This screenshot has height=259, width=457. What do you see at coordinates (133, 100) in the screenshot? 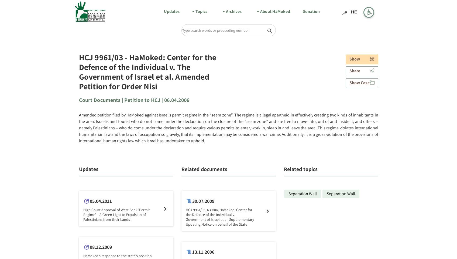
I see `'Court Documents | Petition to HCJ | 06.04.2006'` at bounding box center [133, 100].